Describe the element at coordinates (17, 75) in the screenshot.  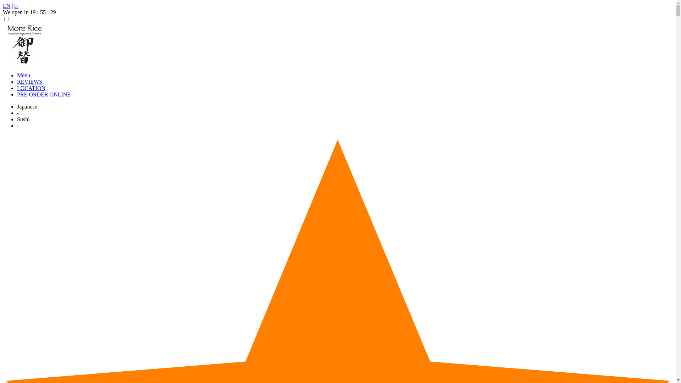
I see `'Menu'` at that location.